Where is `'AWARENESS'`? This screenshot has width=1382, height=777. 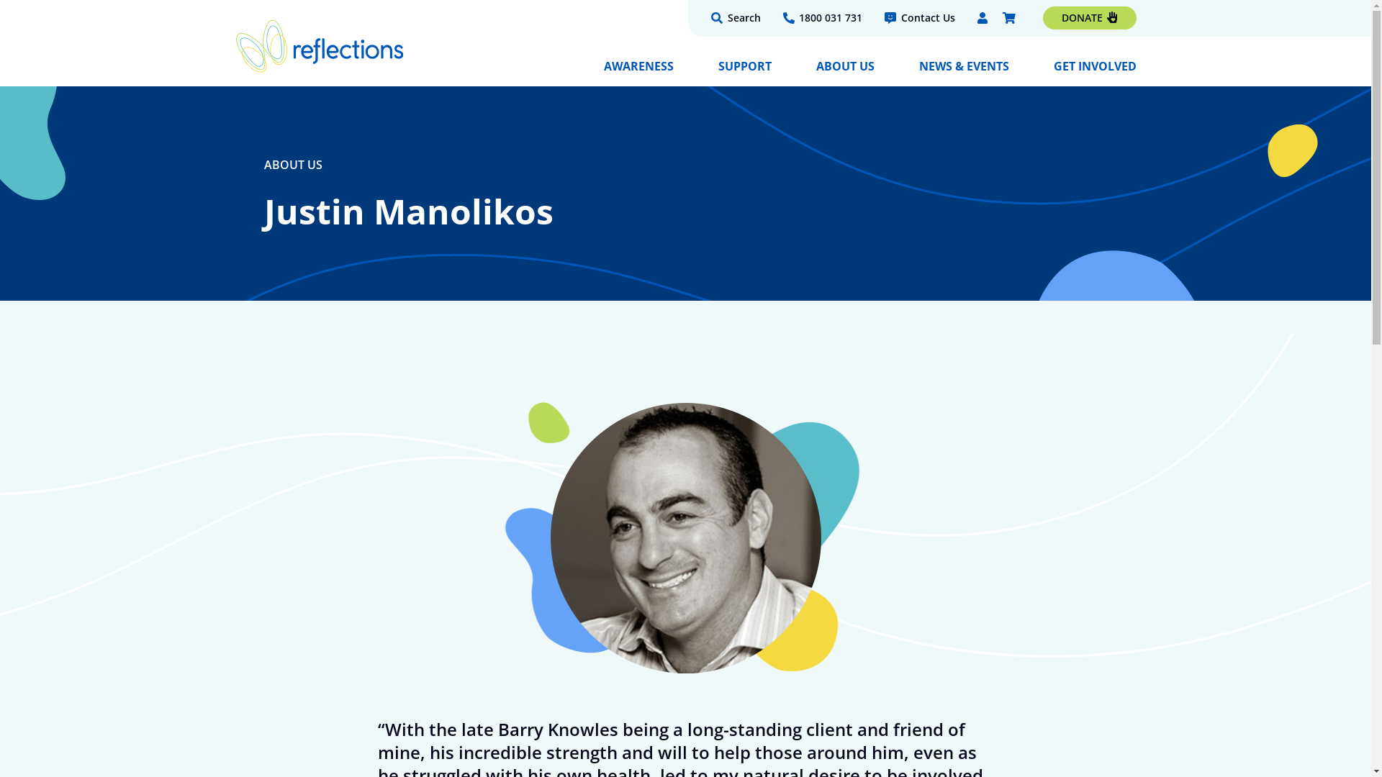
'AWARENESS' is located at coordinates (637, 72).